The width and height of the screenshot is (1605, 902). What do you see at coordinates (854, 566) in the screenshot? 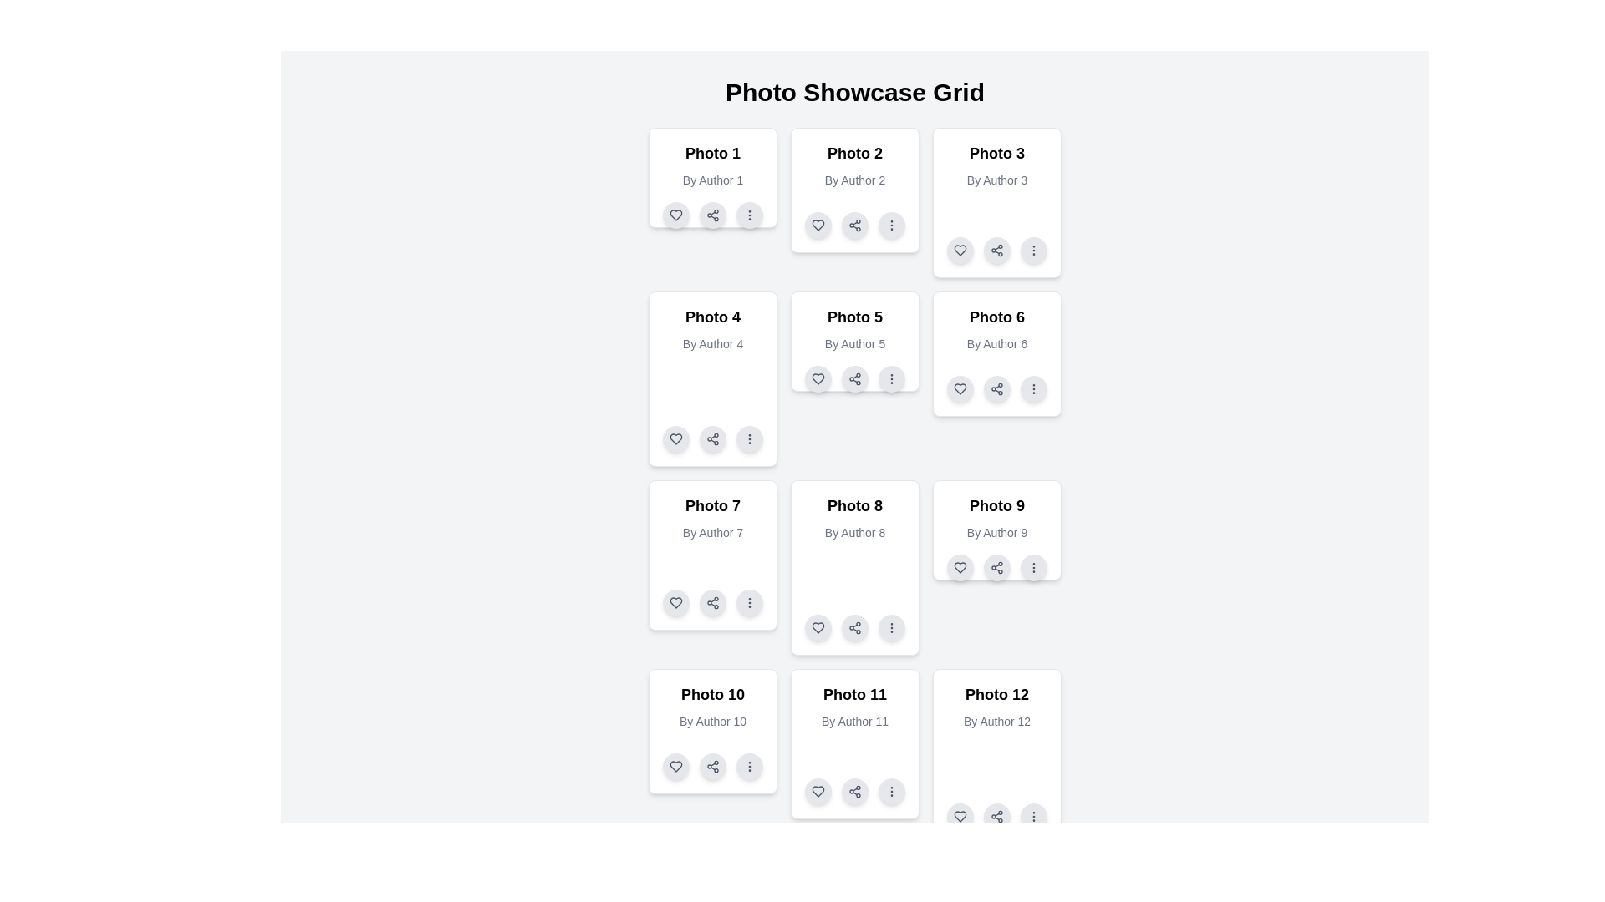
I see `the like button on the Content Card representing 'Photo 8' authored by 'Author 8', located in the second row, middle column of the grid` at bounding box center [854, 566].